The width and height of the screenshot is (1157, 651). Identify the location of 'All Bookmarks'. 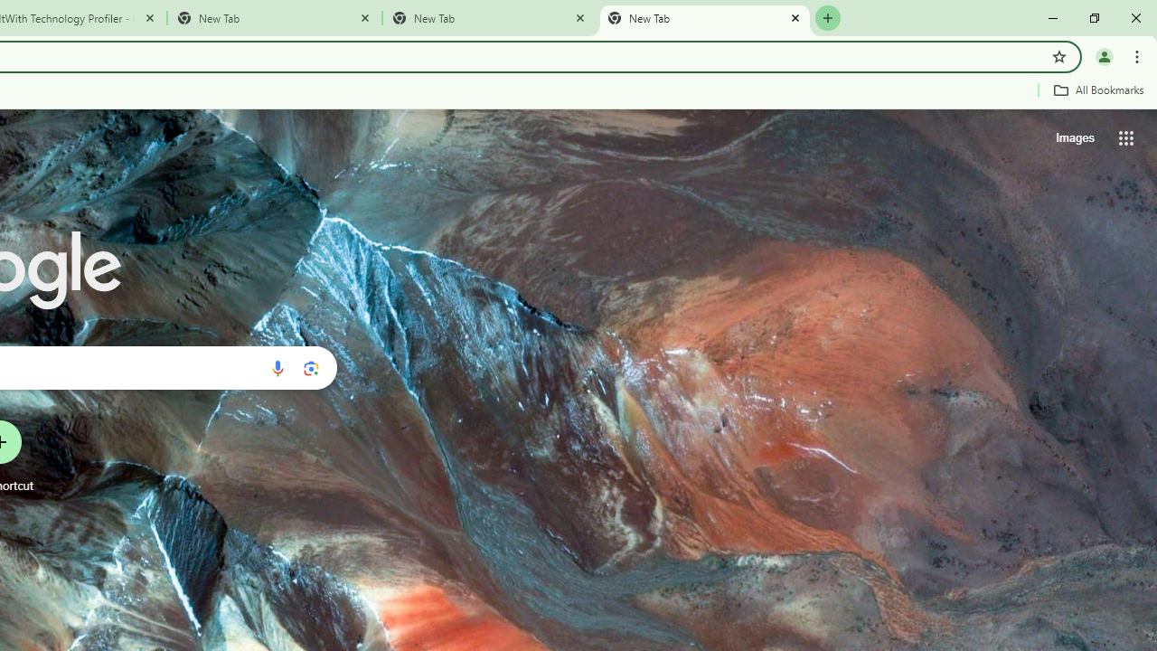
(1097, 90).